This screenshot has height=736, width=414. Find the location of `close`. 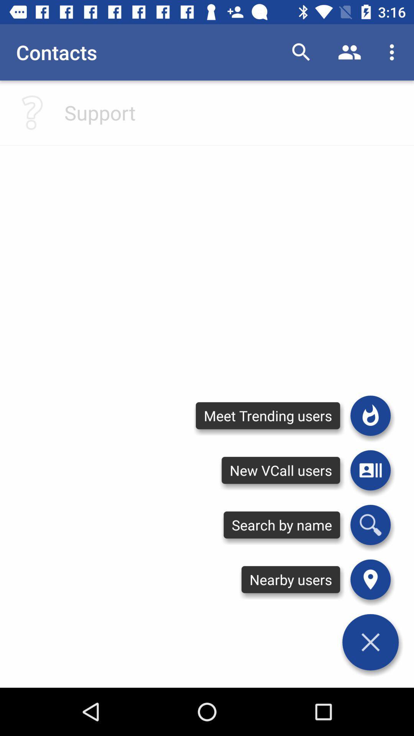

close is located at coordinates (370, 642).